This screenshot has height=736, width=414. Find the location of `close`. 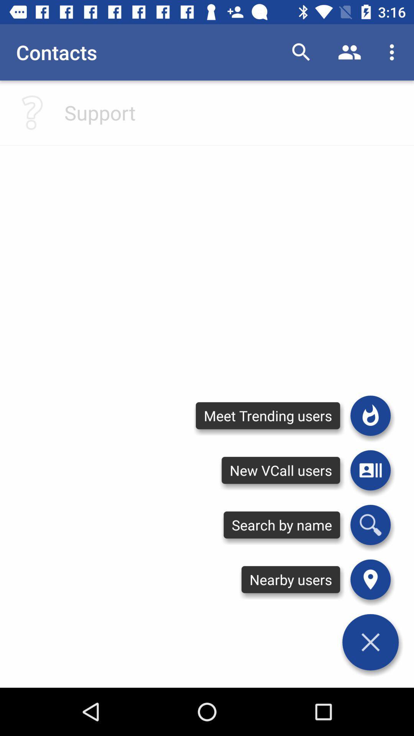

close is located at coordinates (370, 642).